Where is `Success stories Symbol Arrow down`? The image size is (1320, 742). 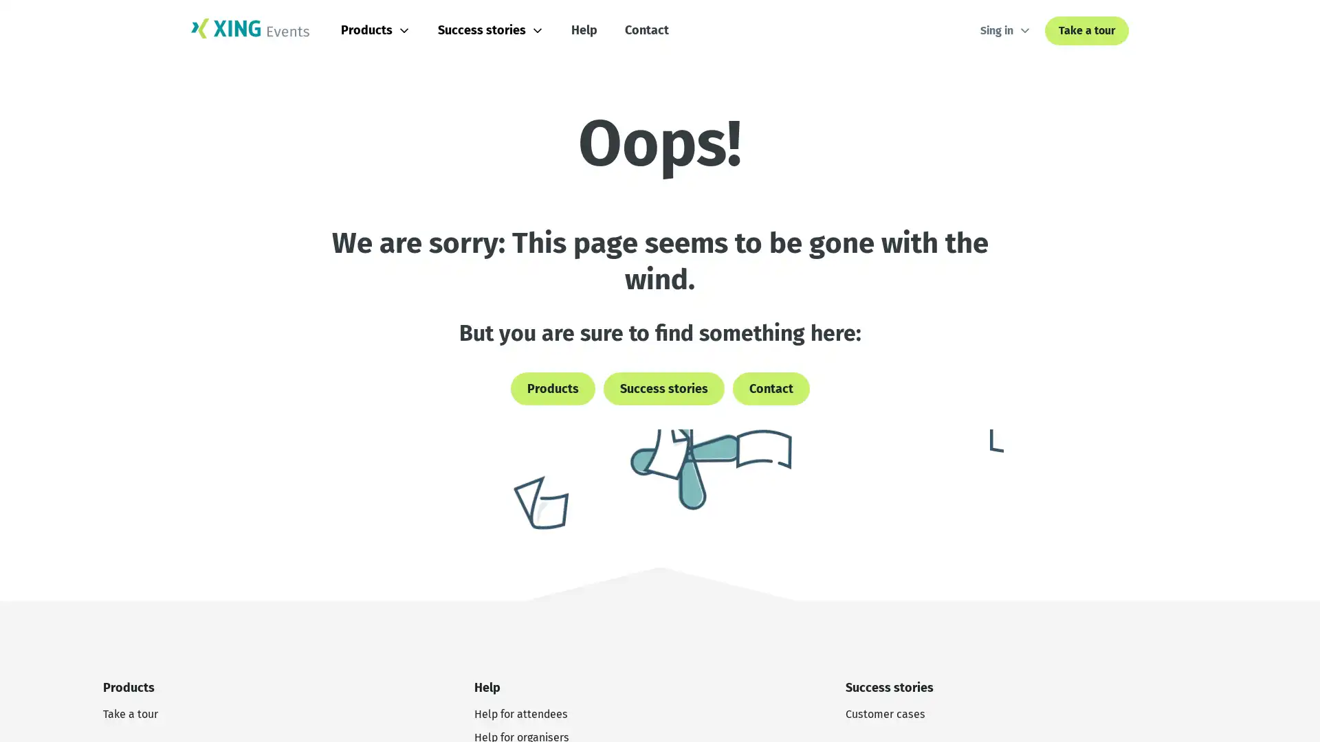 Success stories Symbol Arrow down is located at coordinates (500, 30).